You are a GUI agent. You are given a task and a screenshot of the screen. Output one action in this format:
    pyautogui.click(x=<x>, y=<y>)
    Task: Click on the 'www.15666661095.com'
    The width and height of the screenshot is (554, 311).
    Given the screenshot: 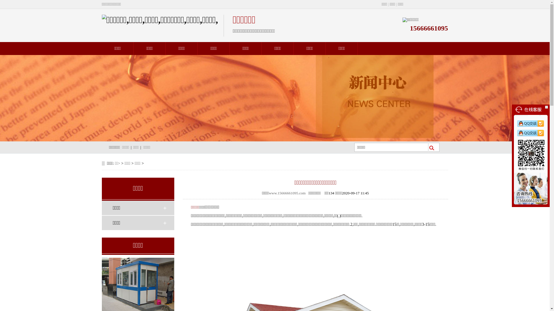 What is the action you would take?
    pyautogui.click(x=287, y=193)
    